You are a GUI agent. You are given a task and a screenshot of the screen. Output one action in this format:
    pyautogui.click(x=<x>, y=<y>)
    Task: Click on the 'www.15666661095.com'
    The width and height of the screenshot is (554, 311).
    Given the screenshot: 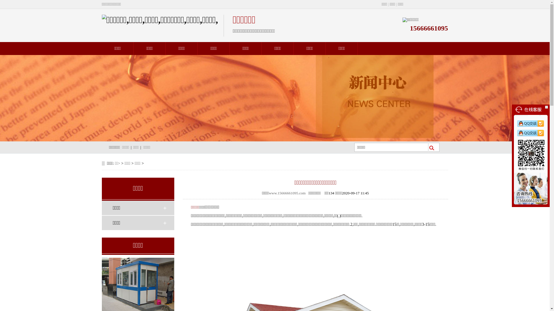 What is the action you would take?
    pyautogui.click(x=287, y=193)
    